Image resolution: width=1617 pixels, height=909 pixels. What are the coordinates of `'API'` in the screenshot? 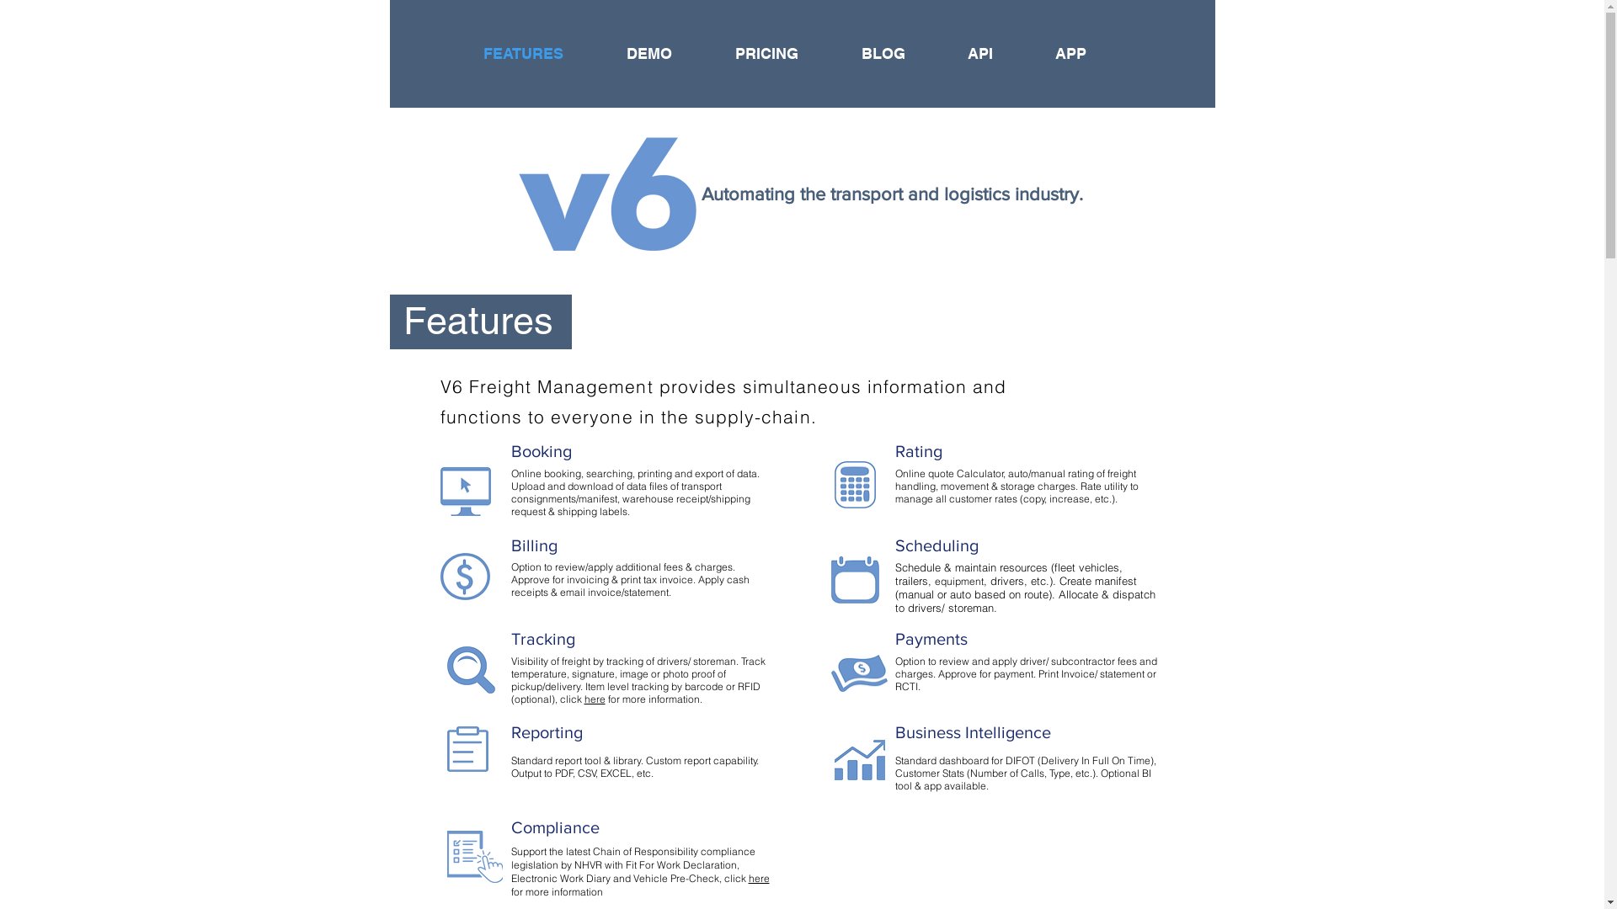 It's located at (998, 53).